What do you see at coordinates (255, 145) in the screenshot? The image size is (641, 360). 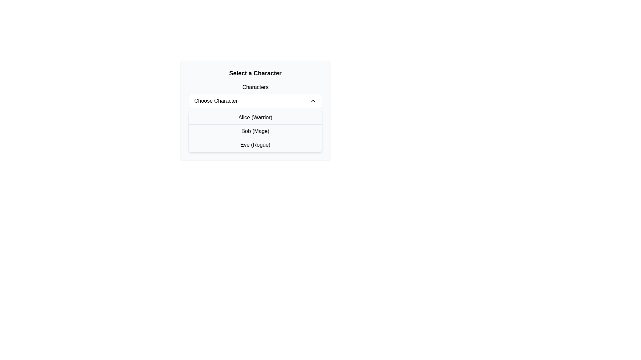 I see `the text label displaying the character name and class 'Eve (Rogue)' in the dropdown menu under 'Select a Character'` at bounding box center [255, 145].